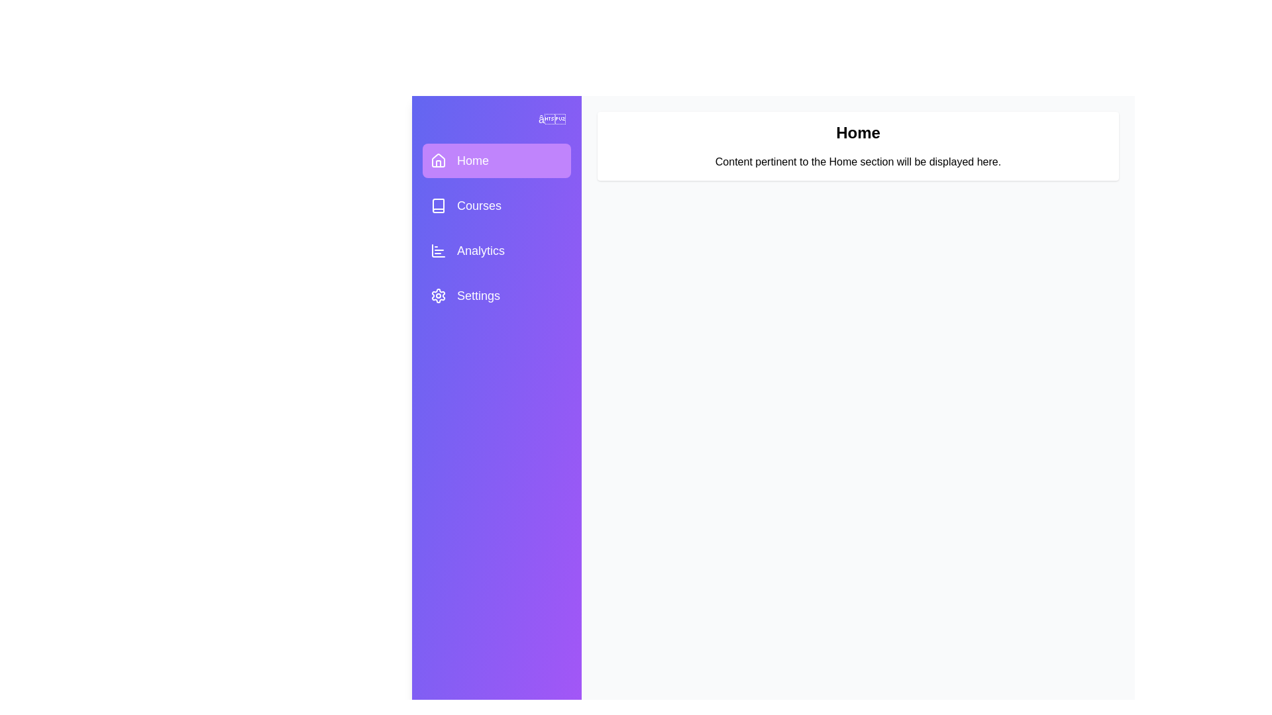  I want to click on the Analytics tab to view its content, so click(496, 250).